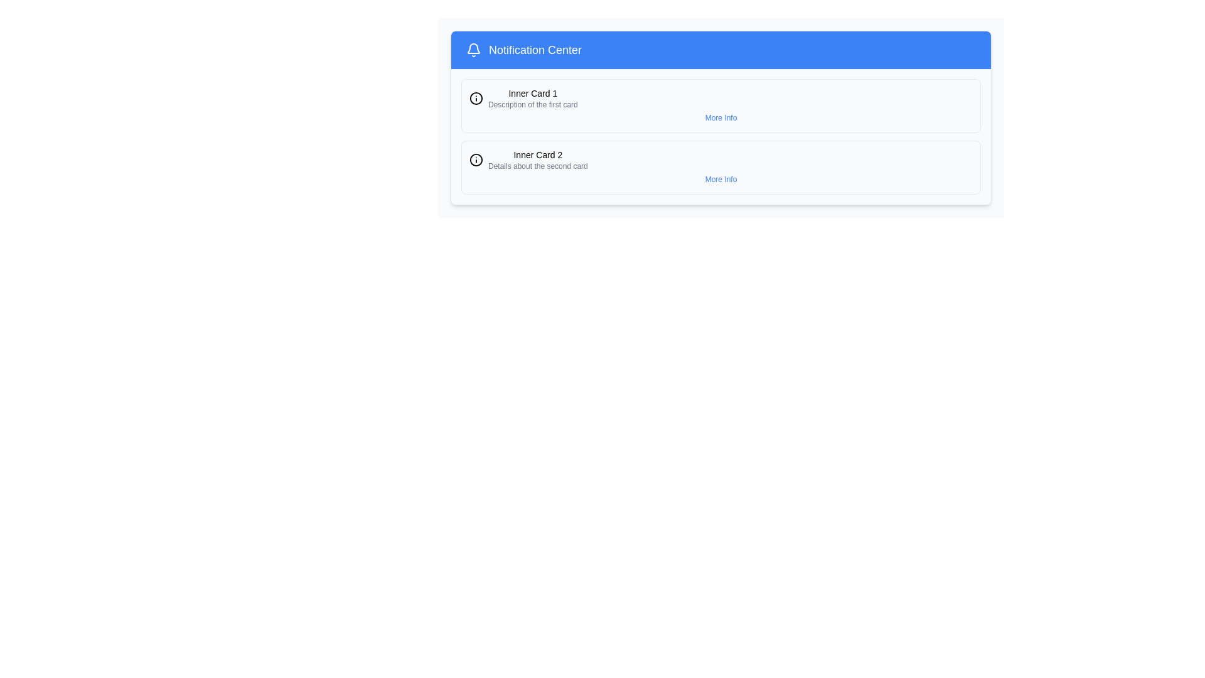 The height and width of the screenshot is (678, 1205). What do you see at coordinates (538, 166) in the screenshot?
I see `the descriptive text element within the 'Inner Card 2' section` at bounding box center [538, 166].